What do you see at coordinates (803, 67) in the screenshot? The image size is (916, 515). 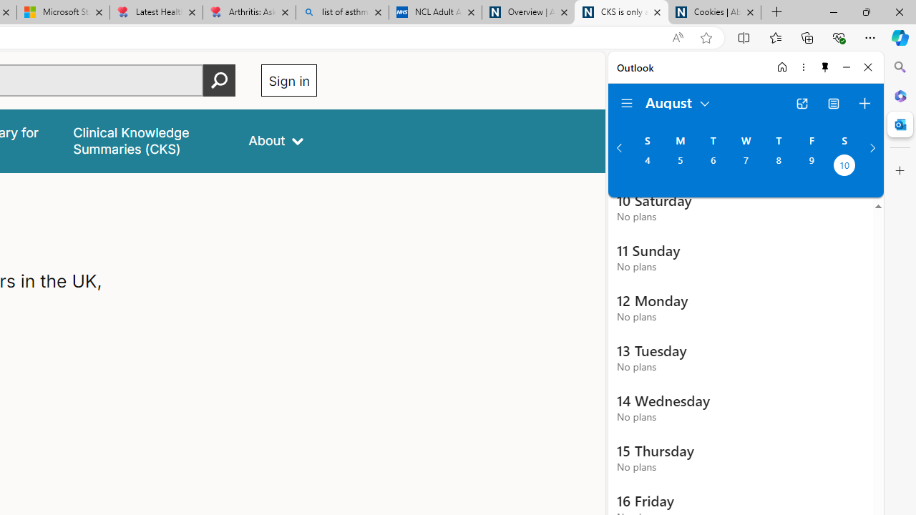 I see `'More options'` at bounding box center [803, 67].